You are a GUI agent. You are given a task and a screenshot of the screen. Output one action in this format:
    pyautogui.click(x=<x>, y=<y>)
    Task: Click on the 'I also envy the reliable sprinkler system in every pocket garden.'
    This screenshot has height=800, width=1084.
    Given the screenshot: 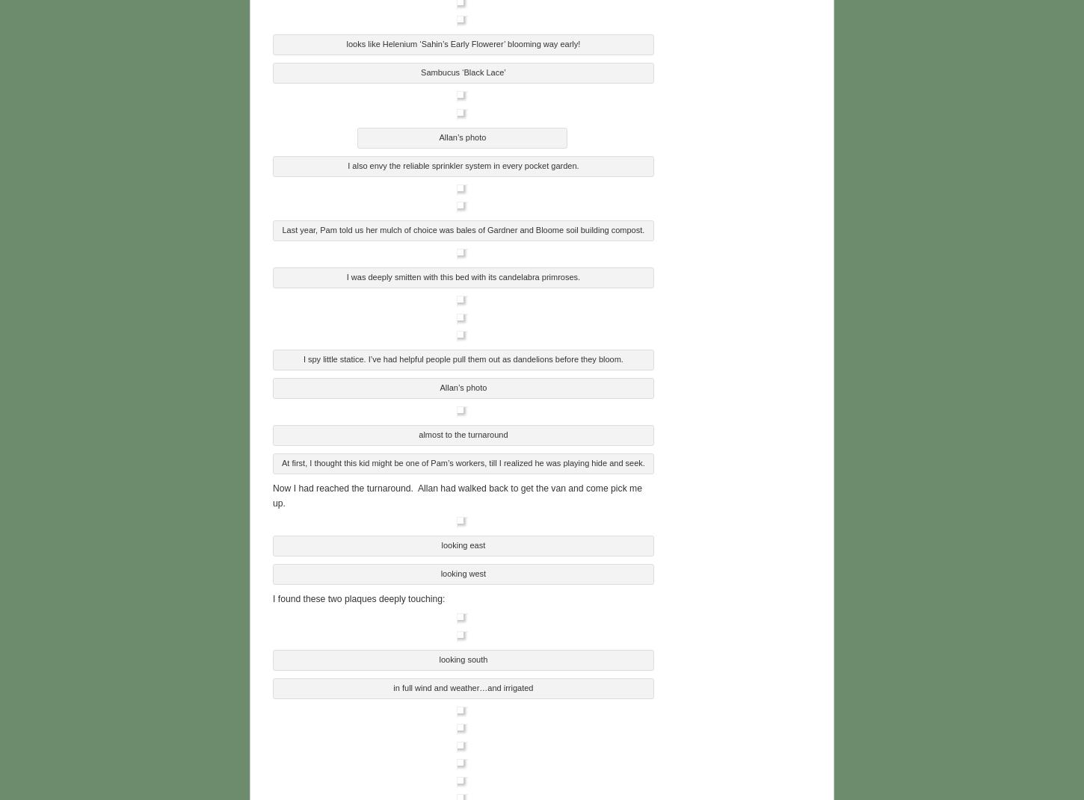 What is the action you would take?
    pyautogui.click(x=462, y=163)
    